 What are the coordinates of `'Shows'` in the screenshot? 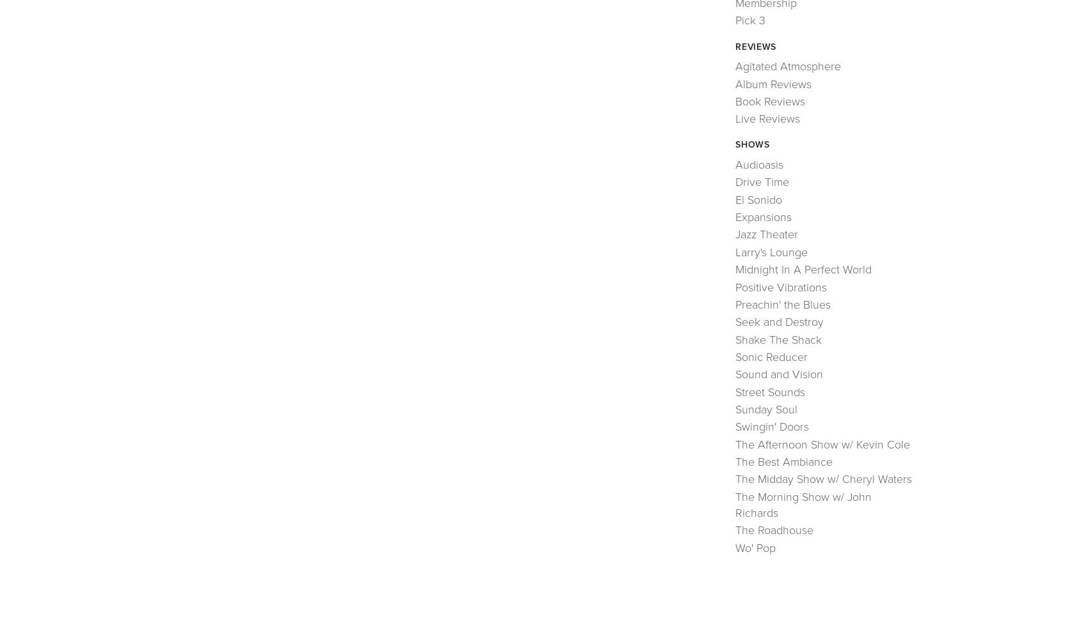 It's located at (751, 144).